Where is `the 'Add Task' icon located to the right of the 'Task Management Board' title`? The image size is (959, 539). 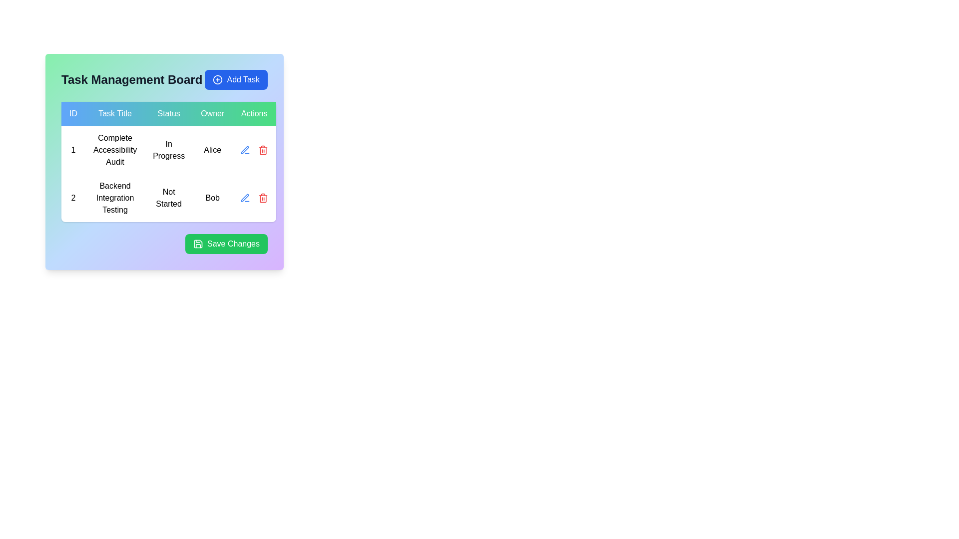
the 'Add Task' icon located to the right of the 'Task Management Board' title is located at coordinates (217, 79).